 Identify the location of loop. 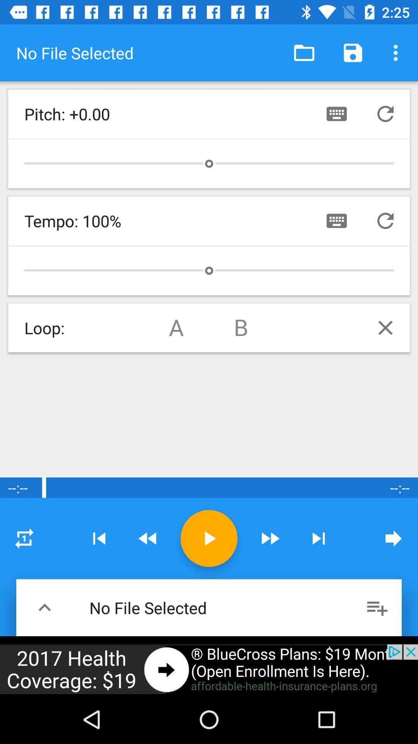
(385, 327).